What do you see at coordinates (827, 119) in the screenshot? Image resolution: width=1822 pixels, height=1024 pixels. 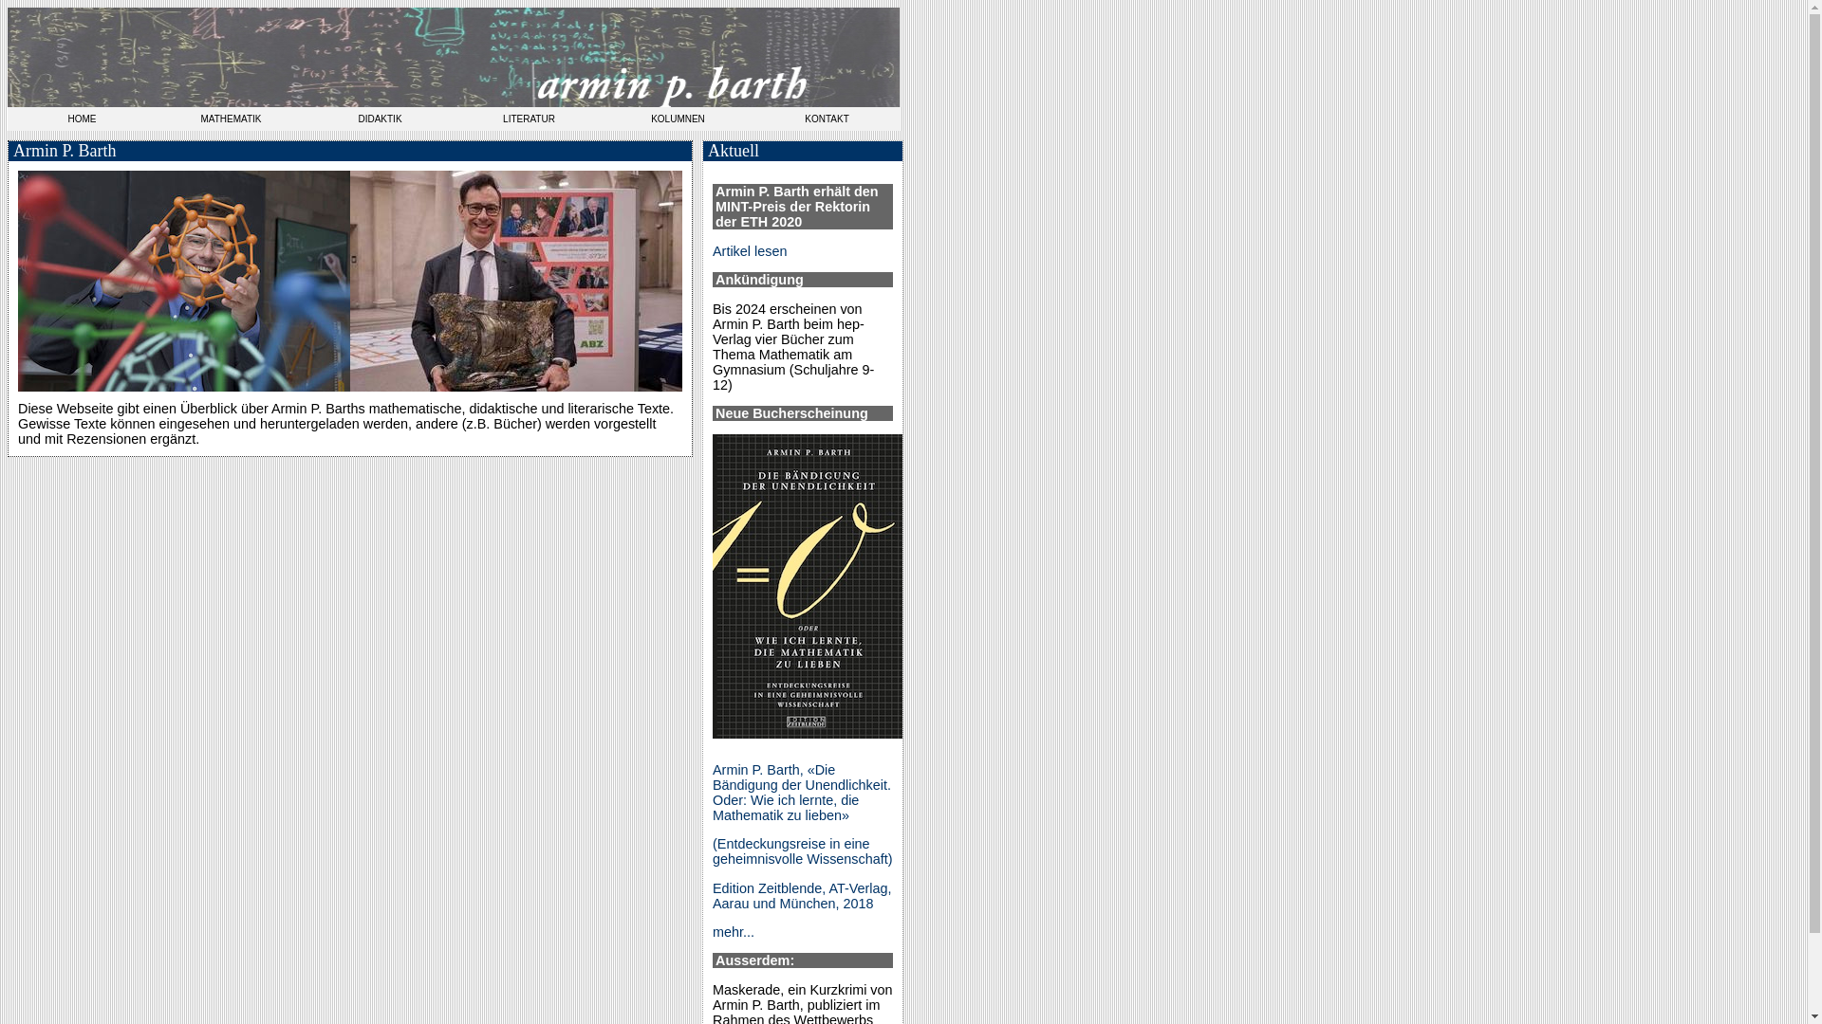 I see `'KONTAKT'` at bounding box center [827, 119].